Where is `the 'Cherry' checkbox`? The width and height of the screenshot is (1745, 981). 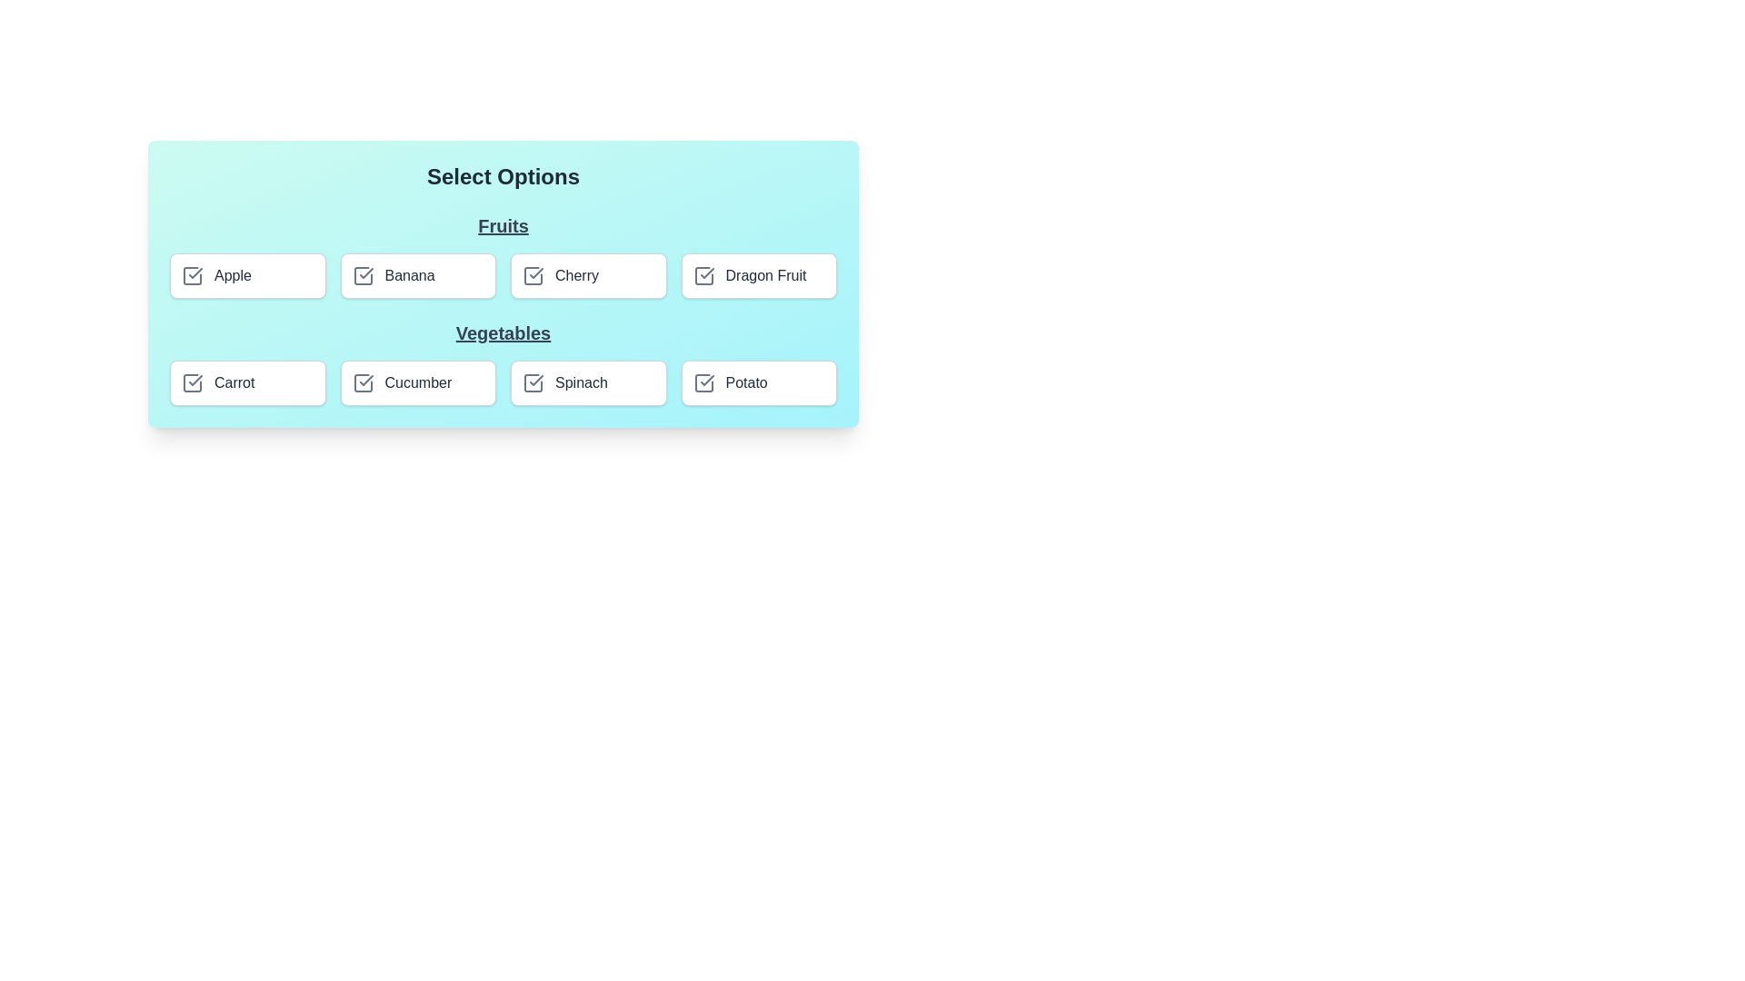 the 'Cherry' checkbox is located at coordinates (588, 276).